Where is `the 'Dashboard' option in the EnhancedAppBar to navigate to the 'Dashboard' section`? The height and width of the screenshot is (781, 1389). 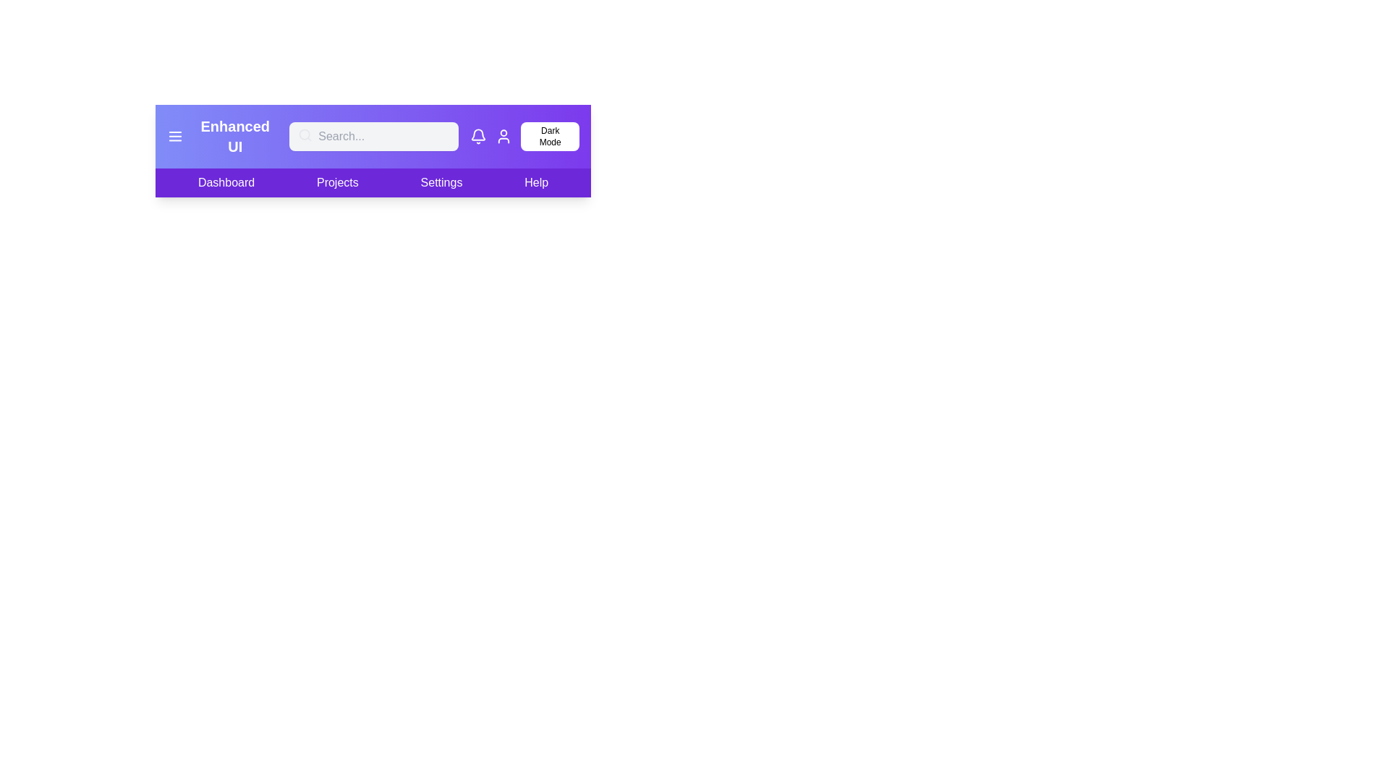
the 'Dashboard' option in the EnhancedAppBar to navigate to the 'Dashboard' section is located at coordinates (225, 182).